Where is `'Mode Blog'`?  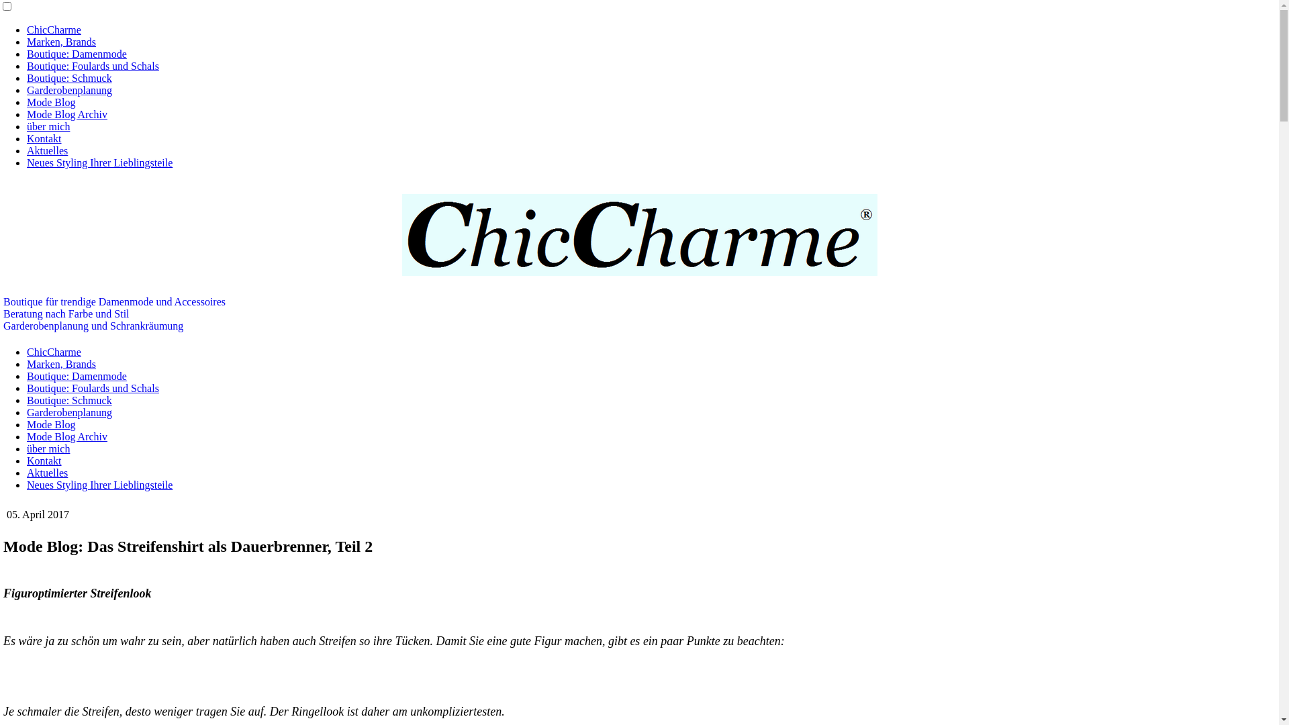 'Mode Blog' is located at coordinates (51, 101).